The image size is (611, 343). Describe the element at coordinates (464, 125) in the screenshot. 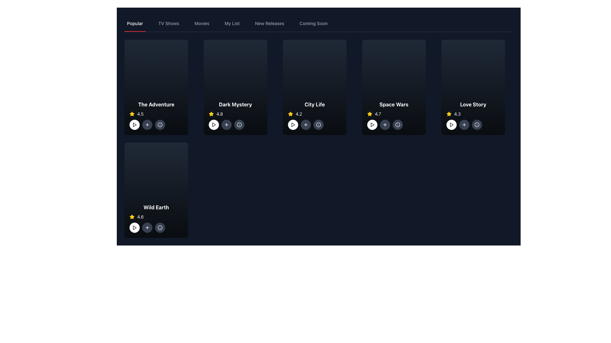

I see `the button positioned in the lower section of the card displaying the movie 'Love Story'` at that location.